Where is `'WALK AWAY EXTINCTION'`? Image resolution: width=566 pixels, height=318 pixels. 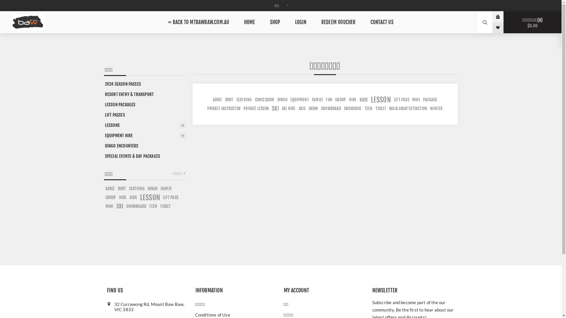 'WALK AWAY EXTINCTION' is located at coordinates (408, 109).